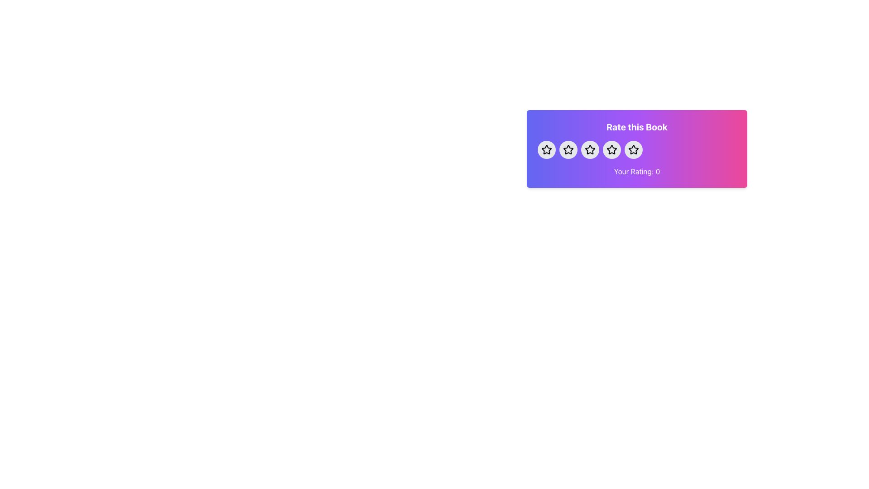  Describe the element at coordinates (568, 149) in the screenshot. I see `the second star in the rating card labeled 'Rate this Book' for accessibility navigation` at that location.